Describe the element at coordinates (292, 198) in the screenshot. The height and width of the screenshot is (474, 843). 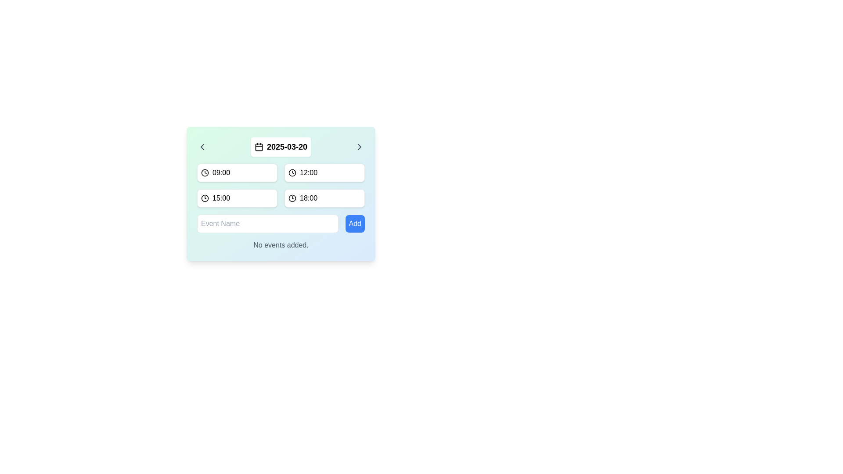
I see `the clock icon located to the left of the time label '18:00'` at that location.